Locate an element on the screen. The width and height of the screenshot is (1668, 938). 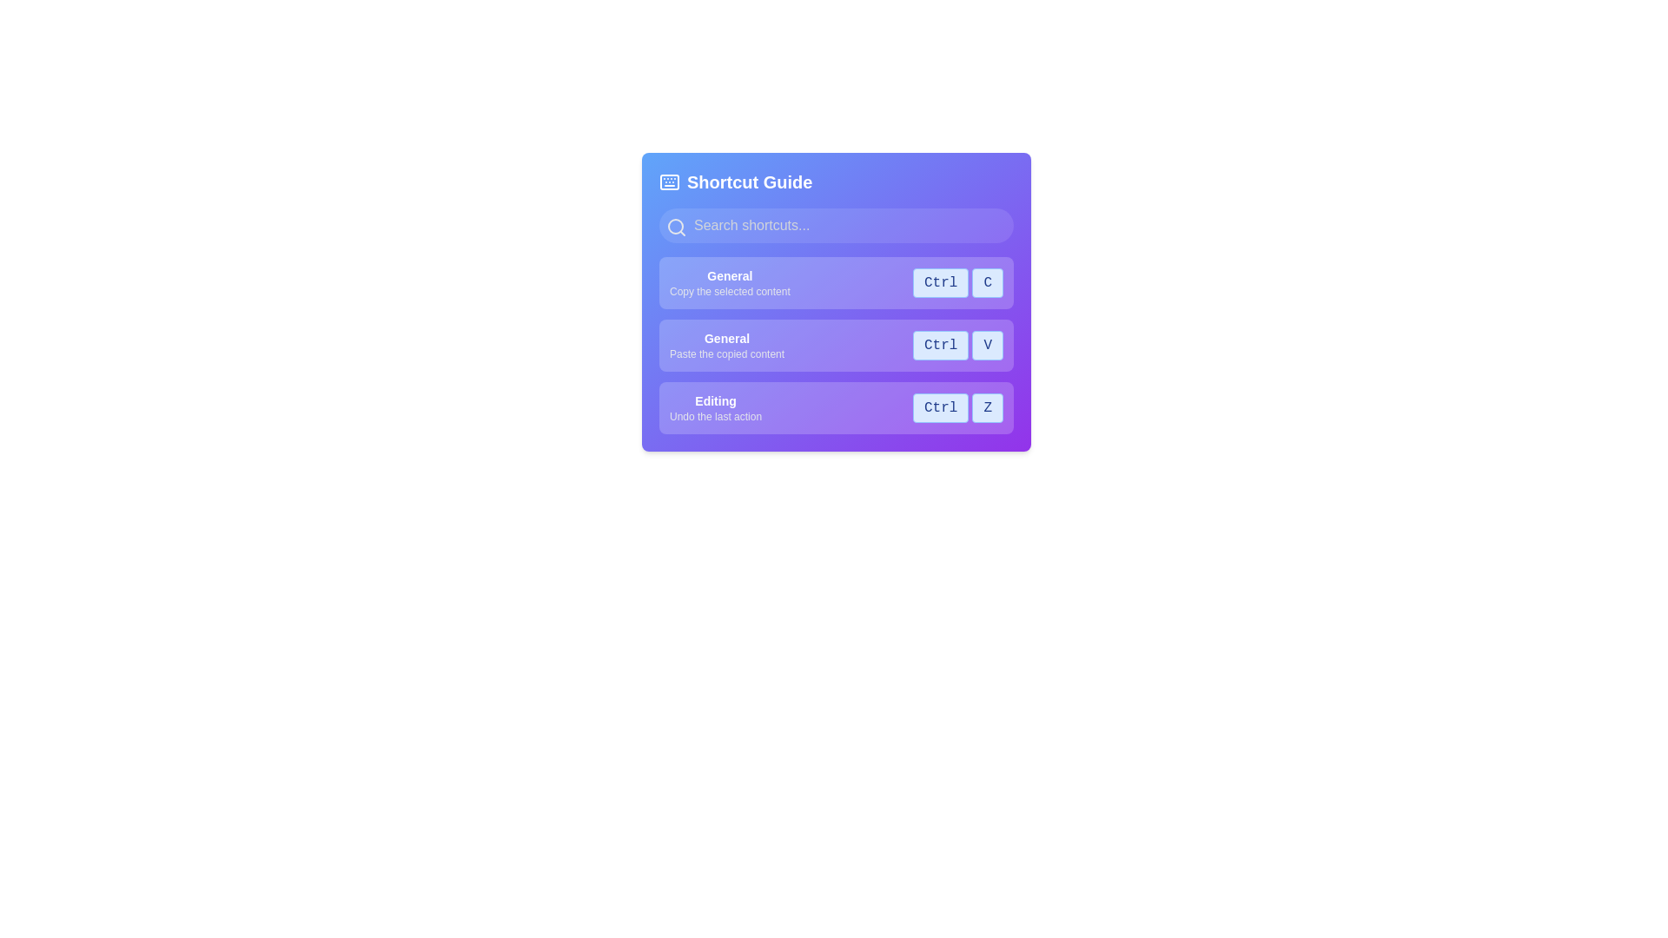
the static text element that reads 'Copy the selected content.' which is located beneath the heading 'General' in the UI is located at coordinates (730, 290).